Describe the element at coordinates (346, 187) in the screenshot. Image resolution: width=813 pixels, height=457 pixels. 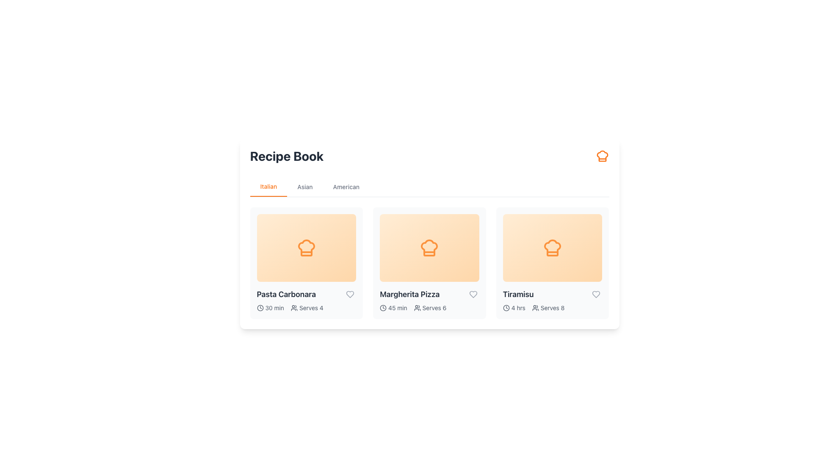
I see `the text label displaying 'American'` at that location.